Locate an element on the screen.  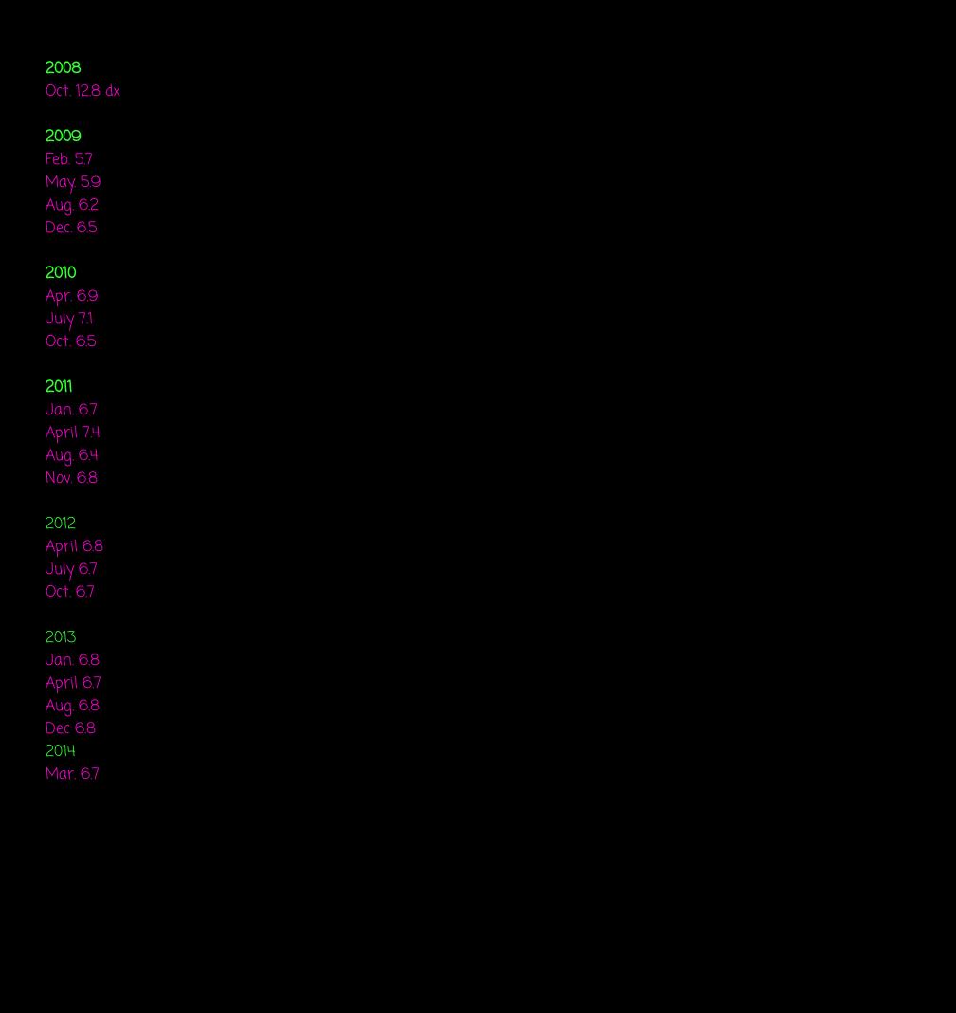
'July 6.7' is located at coordinates (71, 568).